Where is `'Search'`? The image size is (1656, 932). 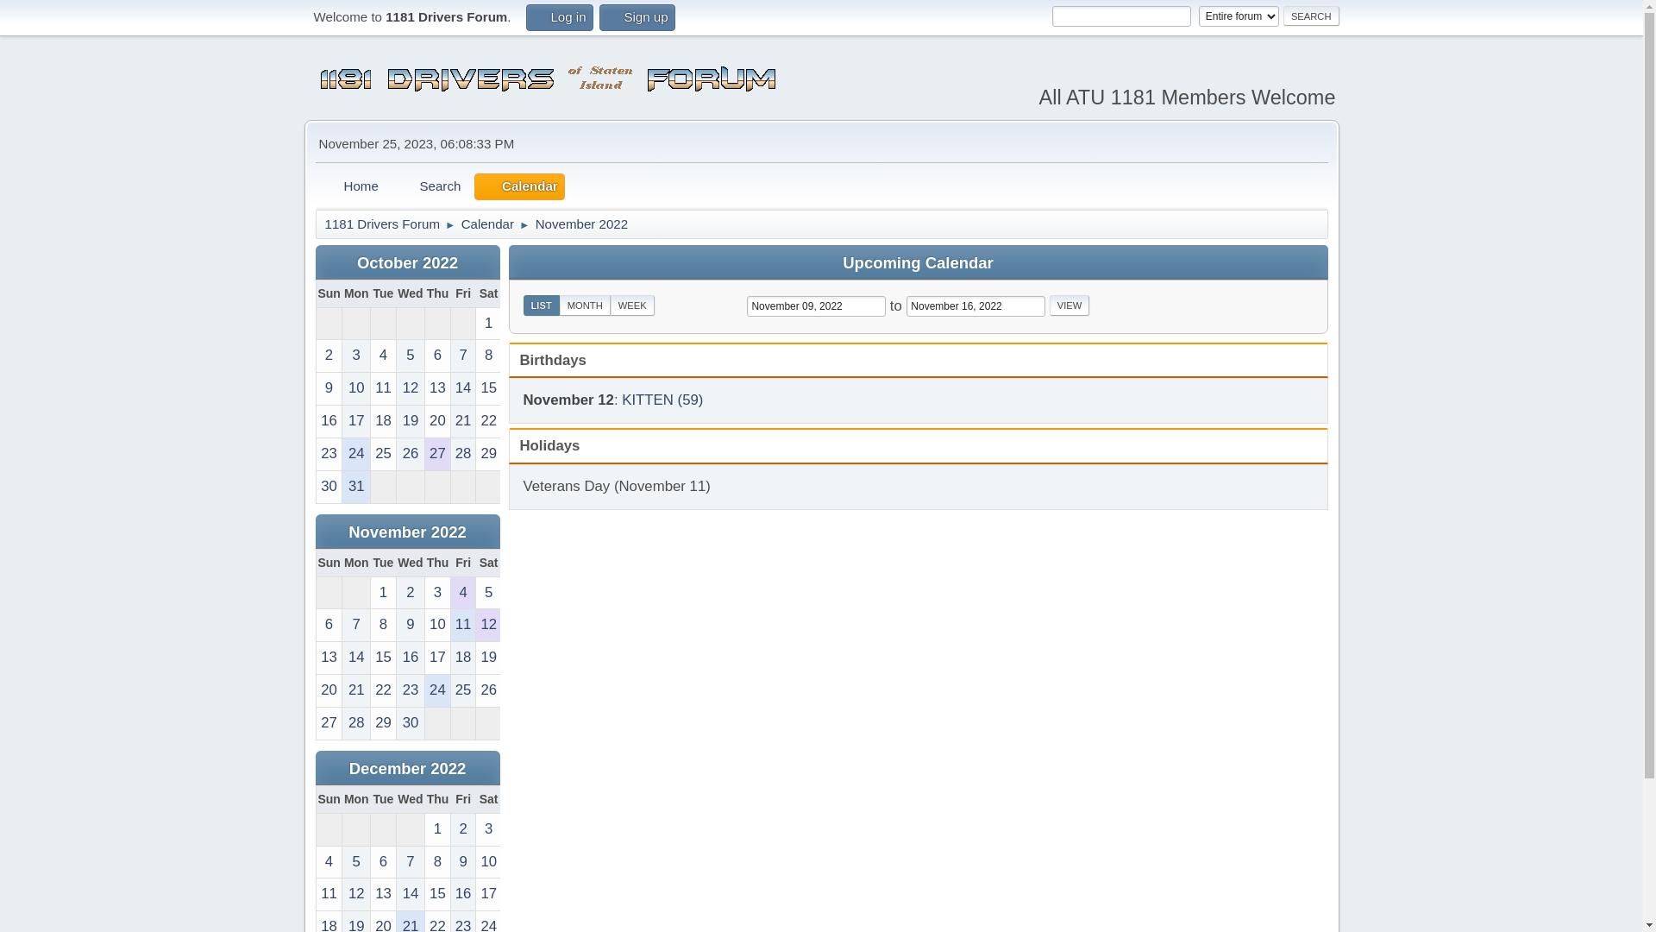 'Search' is located at coordinates (391, 186).